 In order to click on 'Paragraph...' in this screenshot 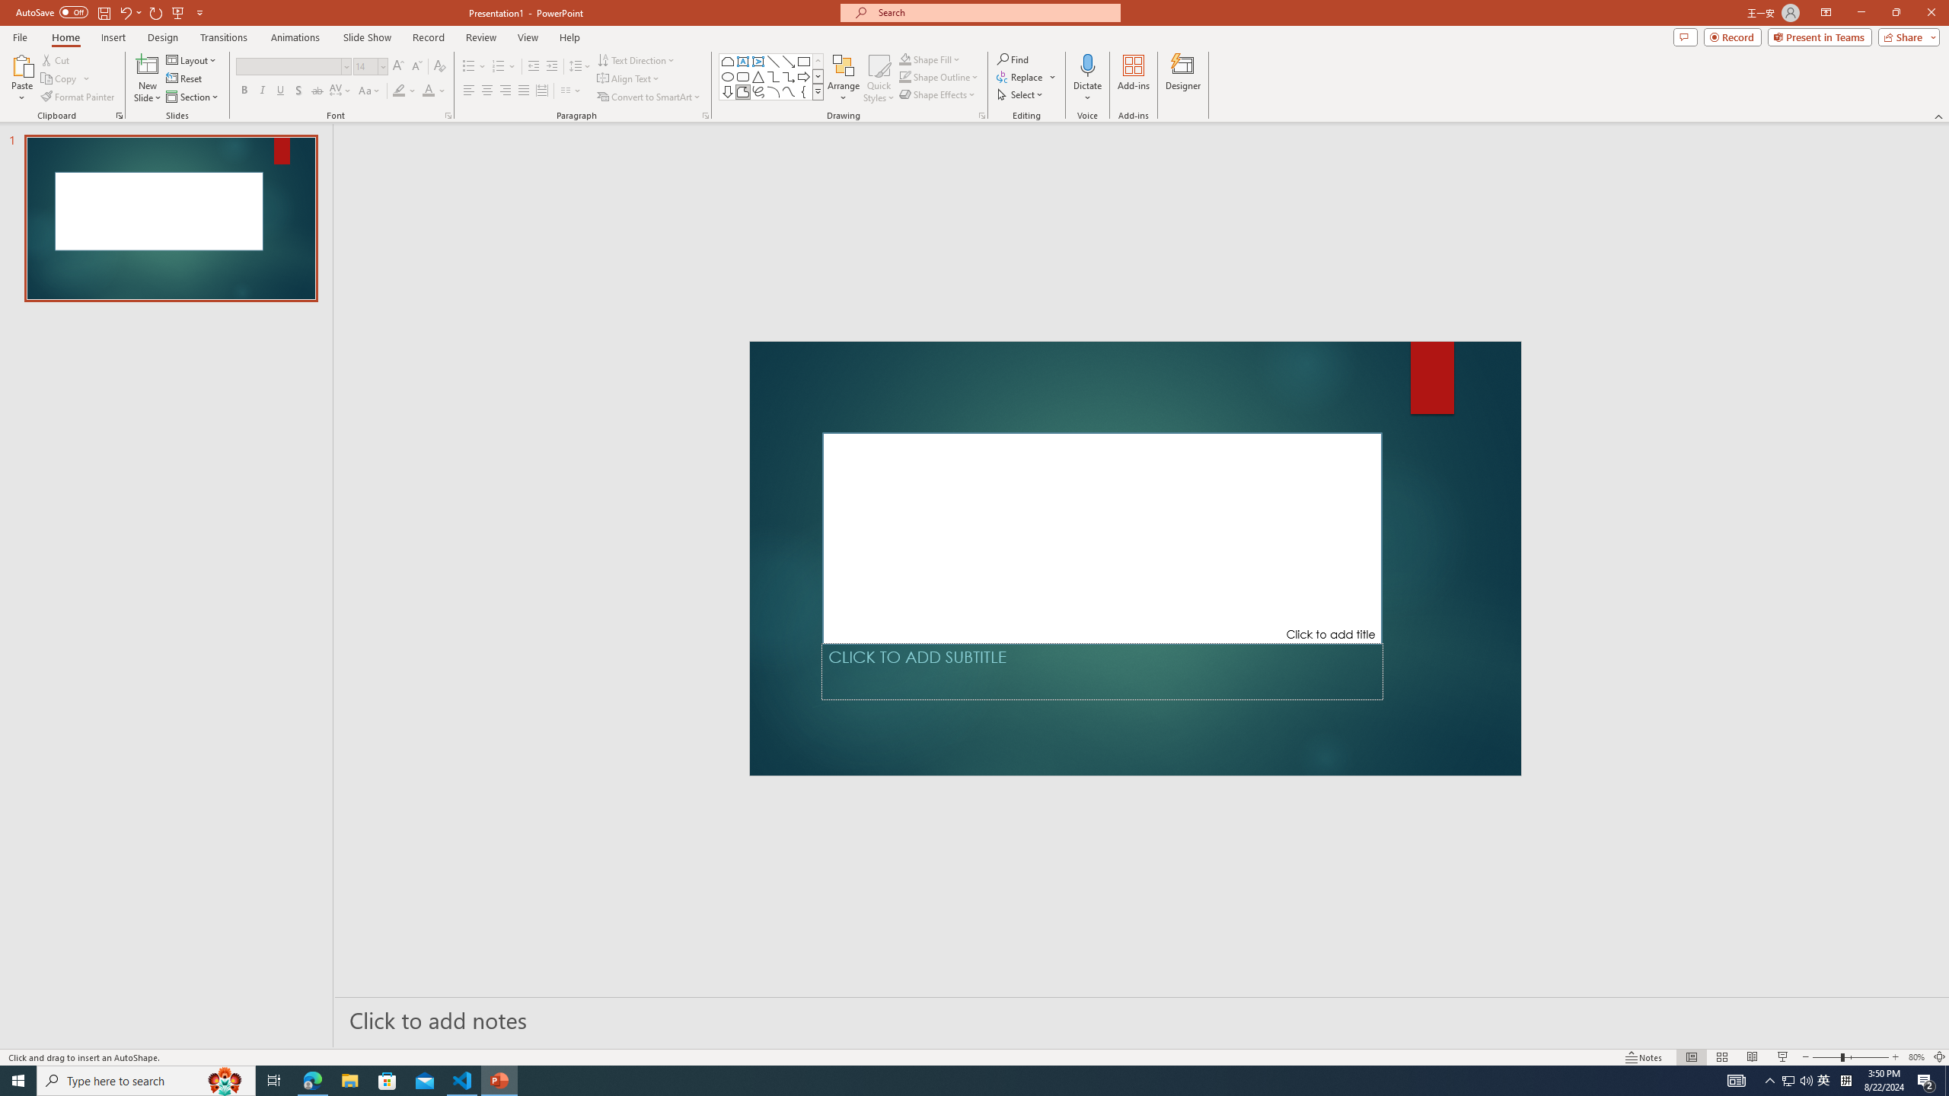, I will do `click(704, 114)`.